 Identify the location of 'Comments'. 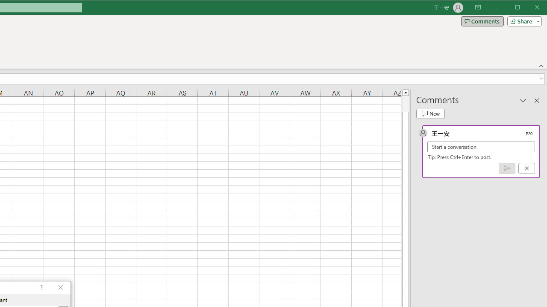
(482, 21).